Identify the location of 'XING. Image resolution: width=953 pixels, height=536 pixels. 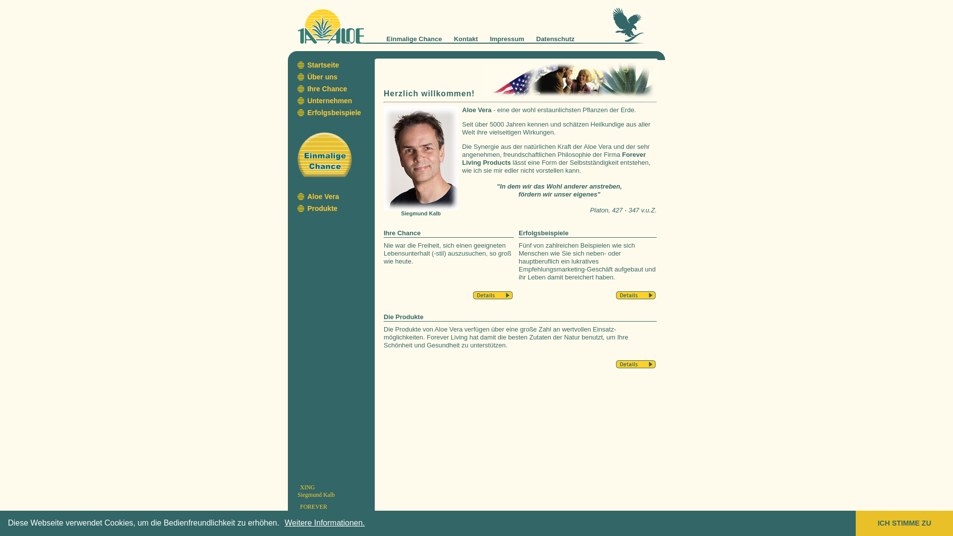
(316, 490).